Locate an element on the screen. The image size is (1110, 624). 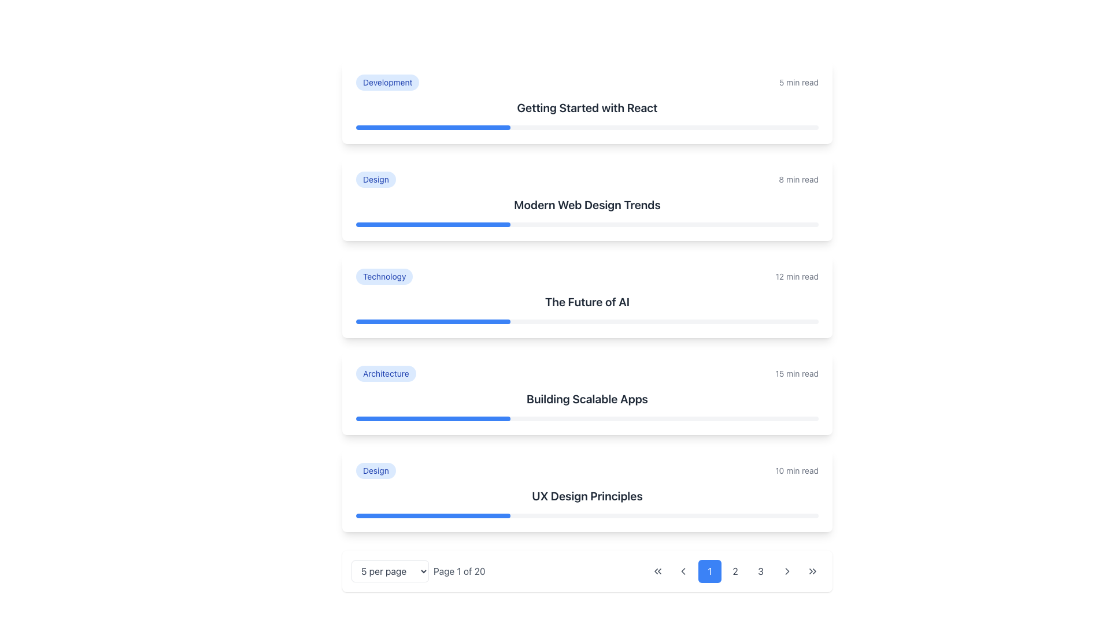
the first informational card in the vertical list to read the information displayed is located at coordinates (587, 102).